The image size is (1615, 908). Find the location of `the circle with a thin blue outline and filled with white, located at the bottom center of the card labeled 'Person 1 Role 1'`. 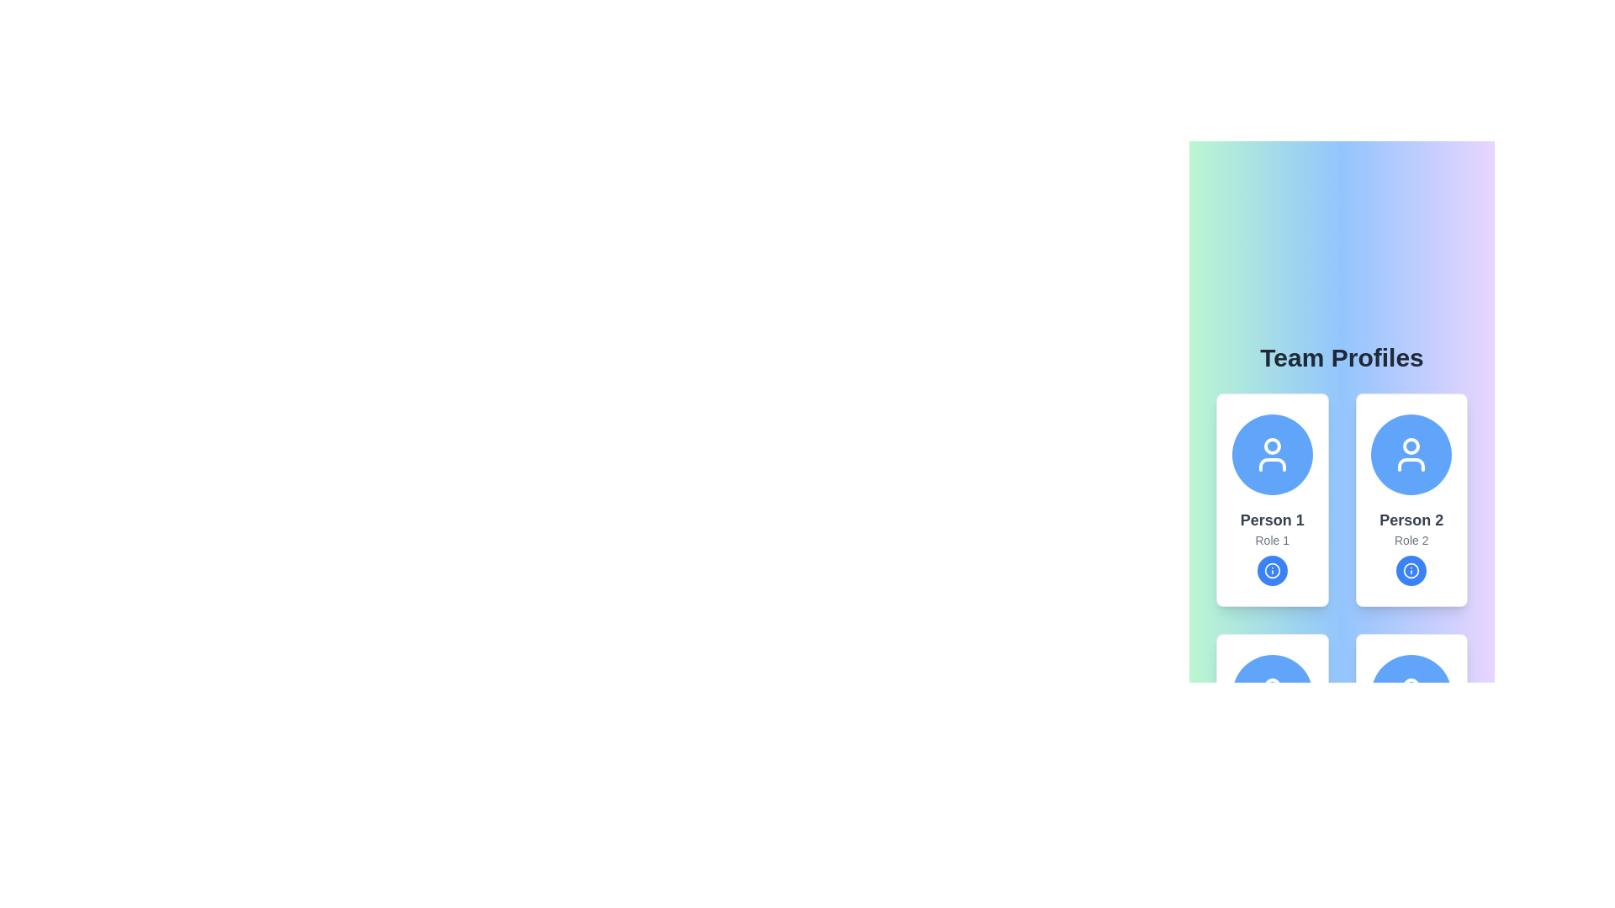

the circle with a thin blue outline and filled with white, located at the bottom center of the card labeled 'Person 1 Role 1' is located at coordinates (1272, 569).